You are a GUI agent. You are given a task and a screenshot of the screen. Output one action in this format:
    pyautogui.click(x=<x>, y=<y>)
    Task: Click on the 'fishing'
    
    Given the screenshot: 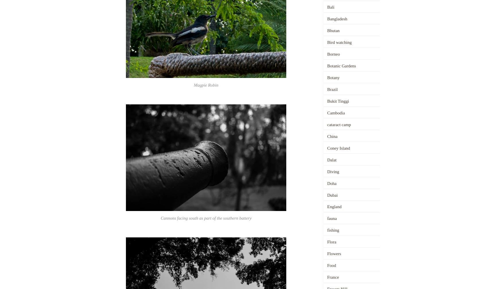 What is the action you would take?
    pyautogui.click(x=326, y=230)
    